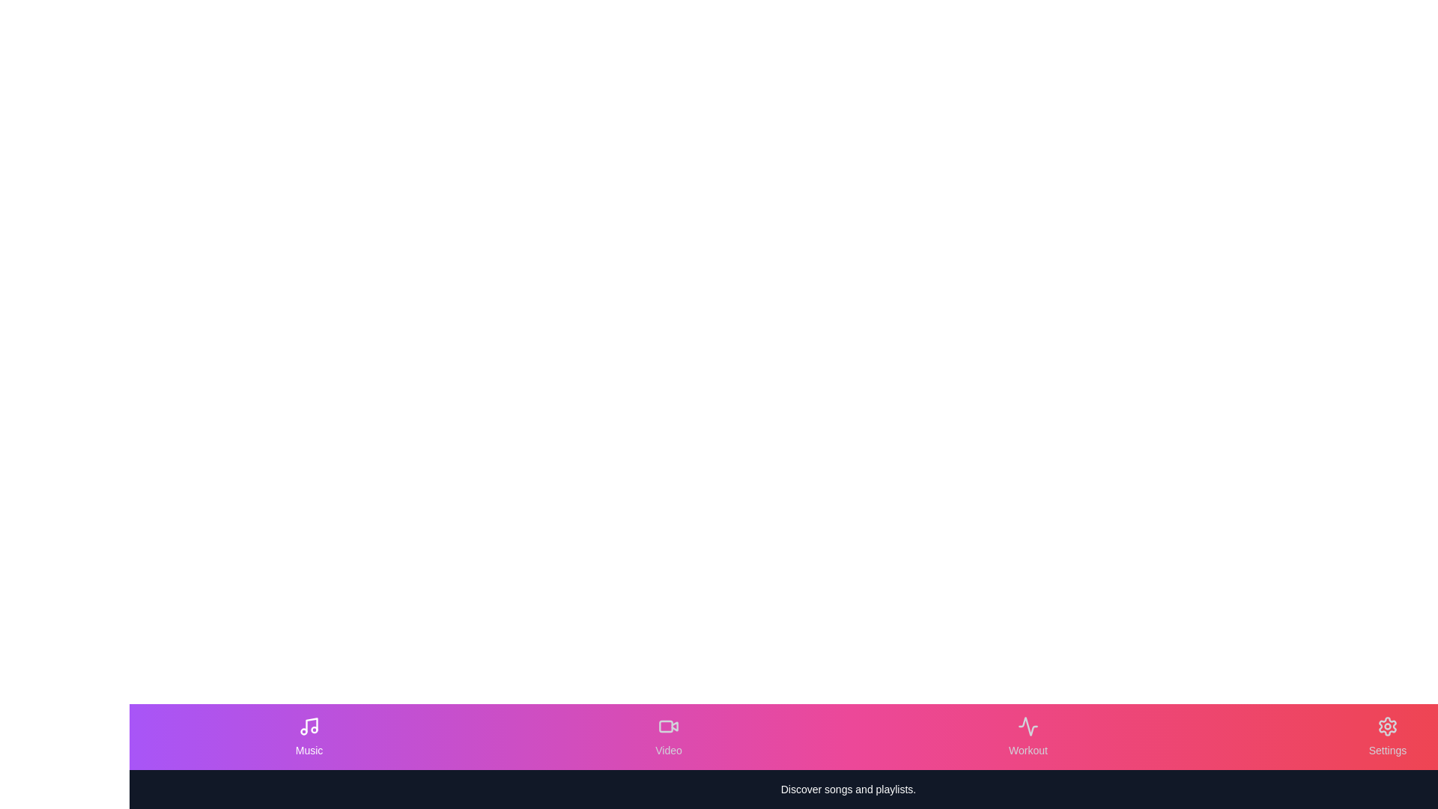  I want to click on the tooltip area to interact with it, so click(848, 788).